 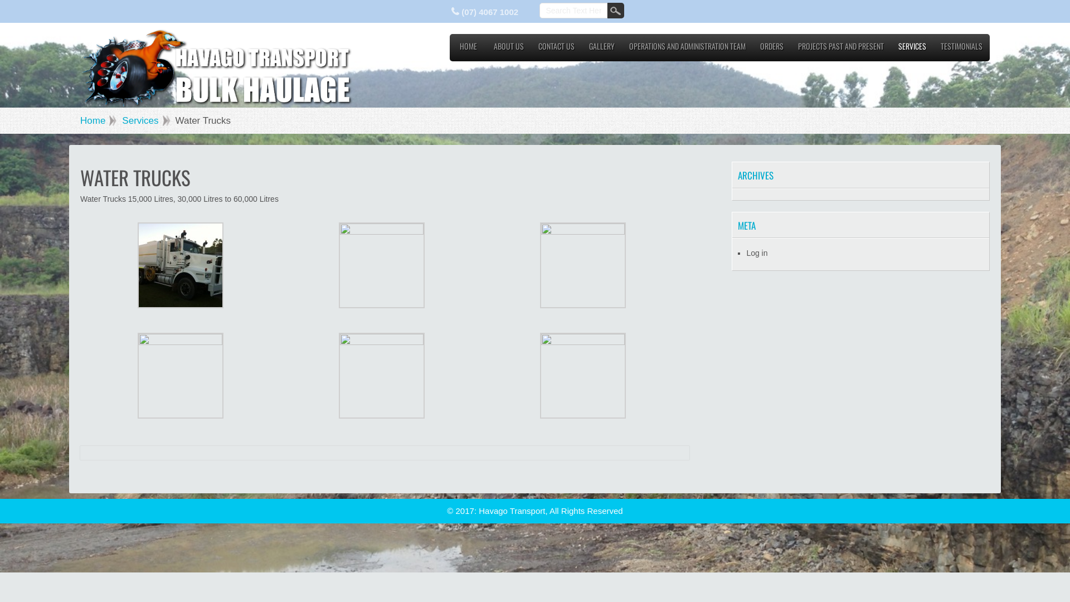 I want to click on 'TESTIMONIALS', so click(x=961, y=48).